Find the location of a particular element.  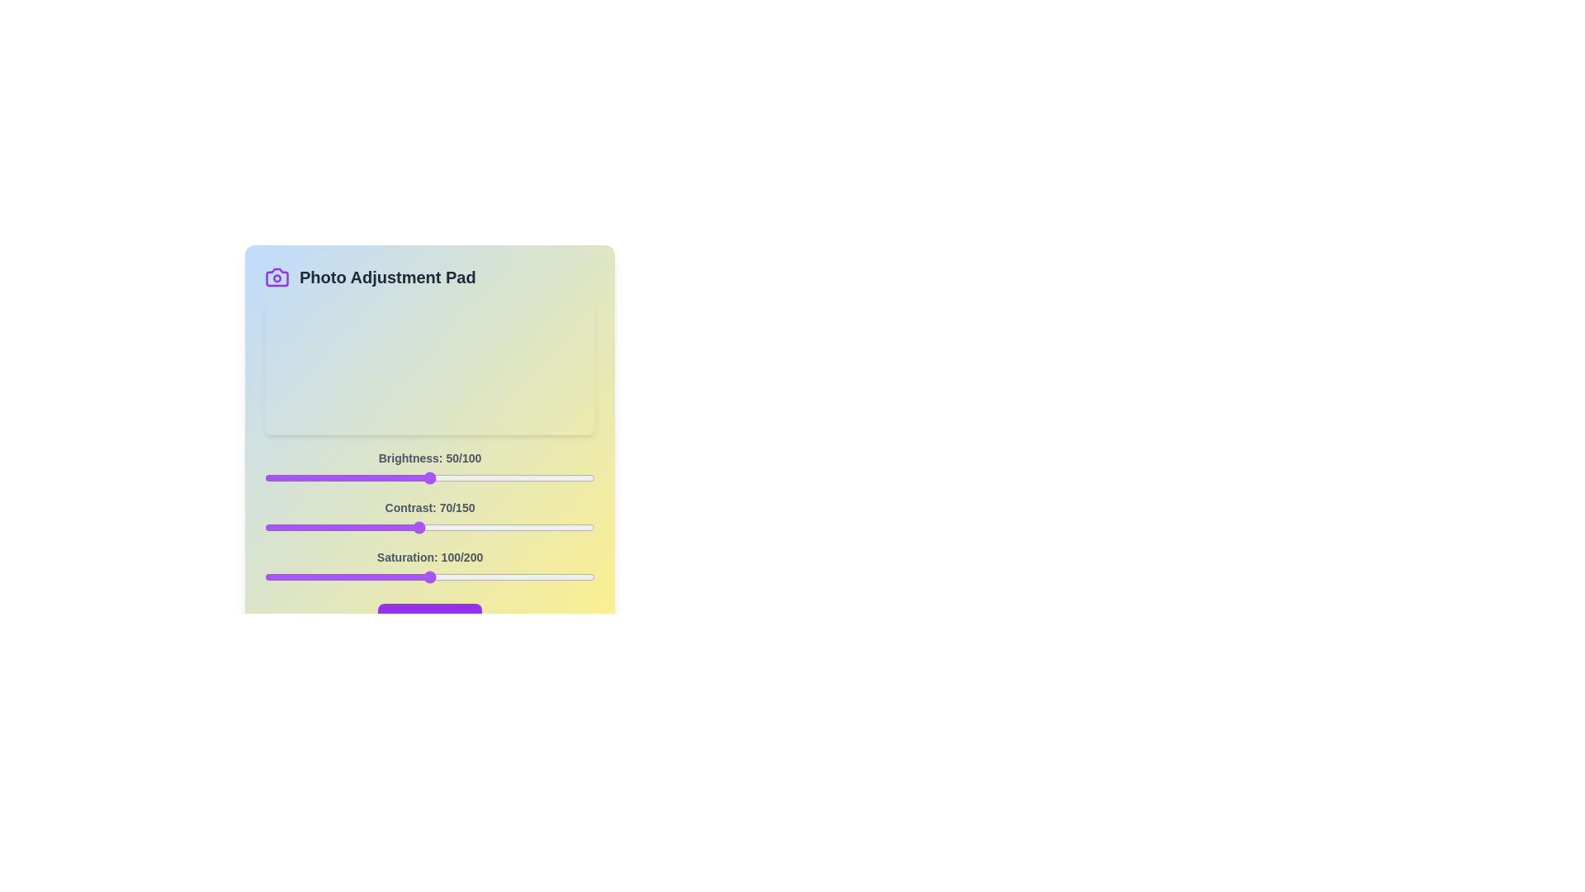

the 1 slider to 36 is located at coordinates (343, 528).